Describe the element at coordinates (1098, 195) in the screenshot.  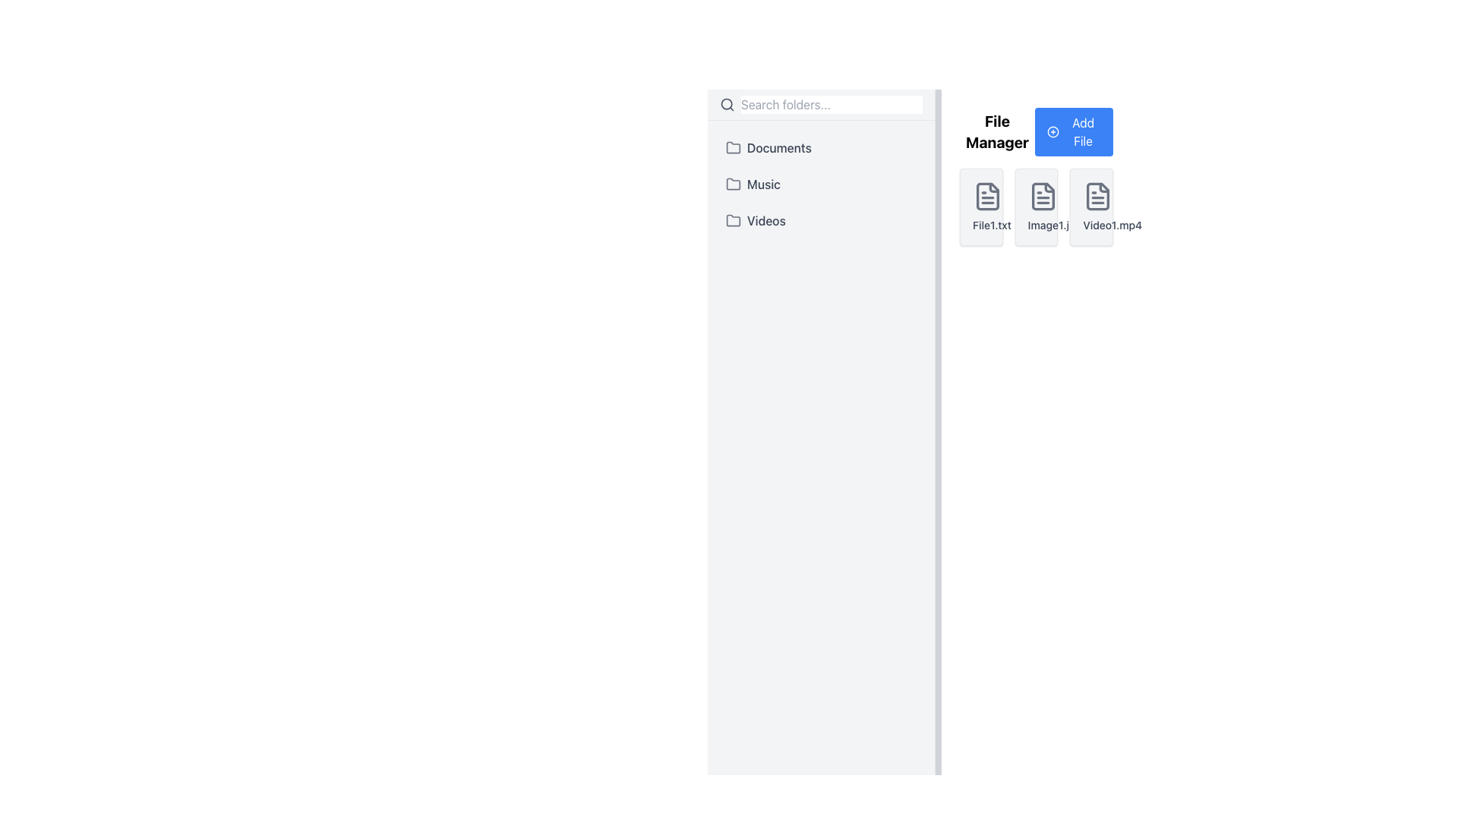
I see `the visual icon representing 'Video1.mp4' in the file manager interface` at that location.